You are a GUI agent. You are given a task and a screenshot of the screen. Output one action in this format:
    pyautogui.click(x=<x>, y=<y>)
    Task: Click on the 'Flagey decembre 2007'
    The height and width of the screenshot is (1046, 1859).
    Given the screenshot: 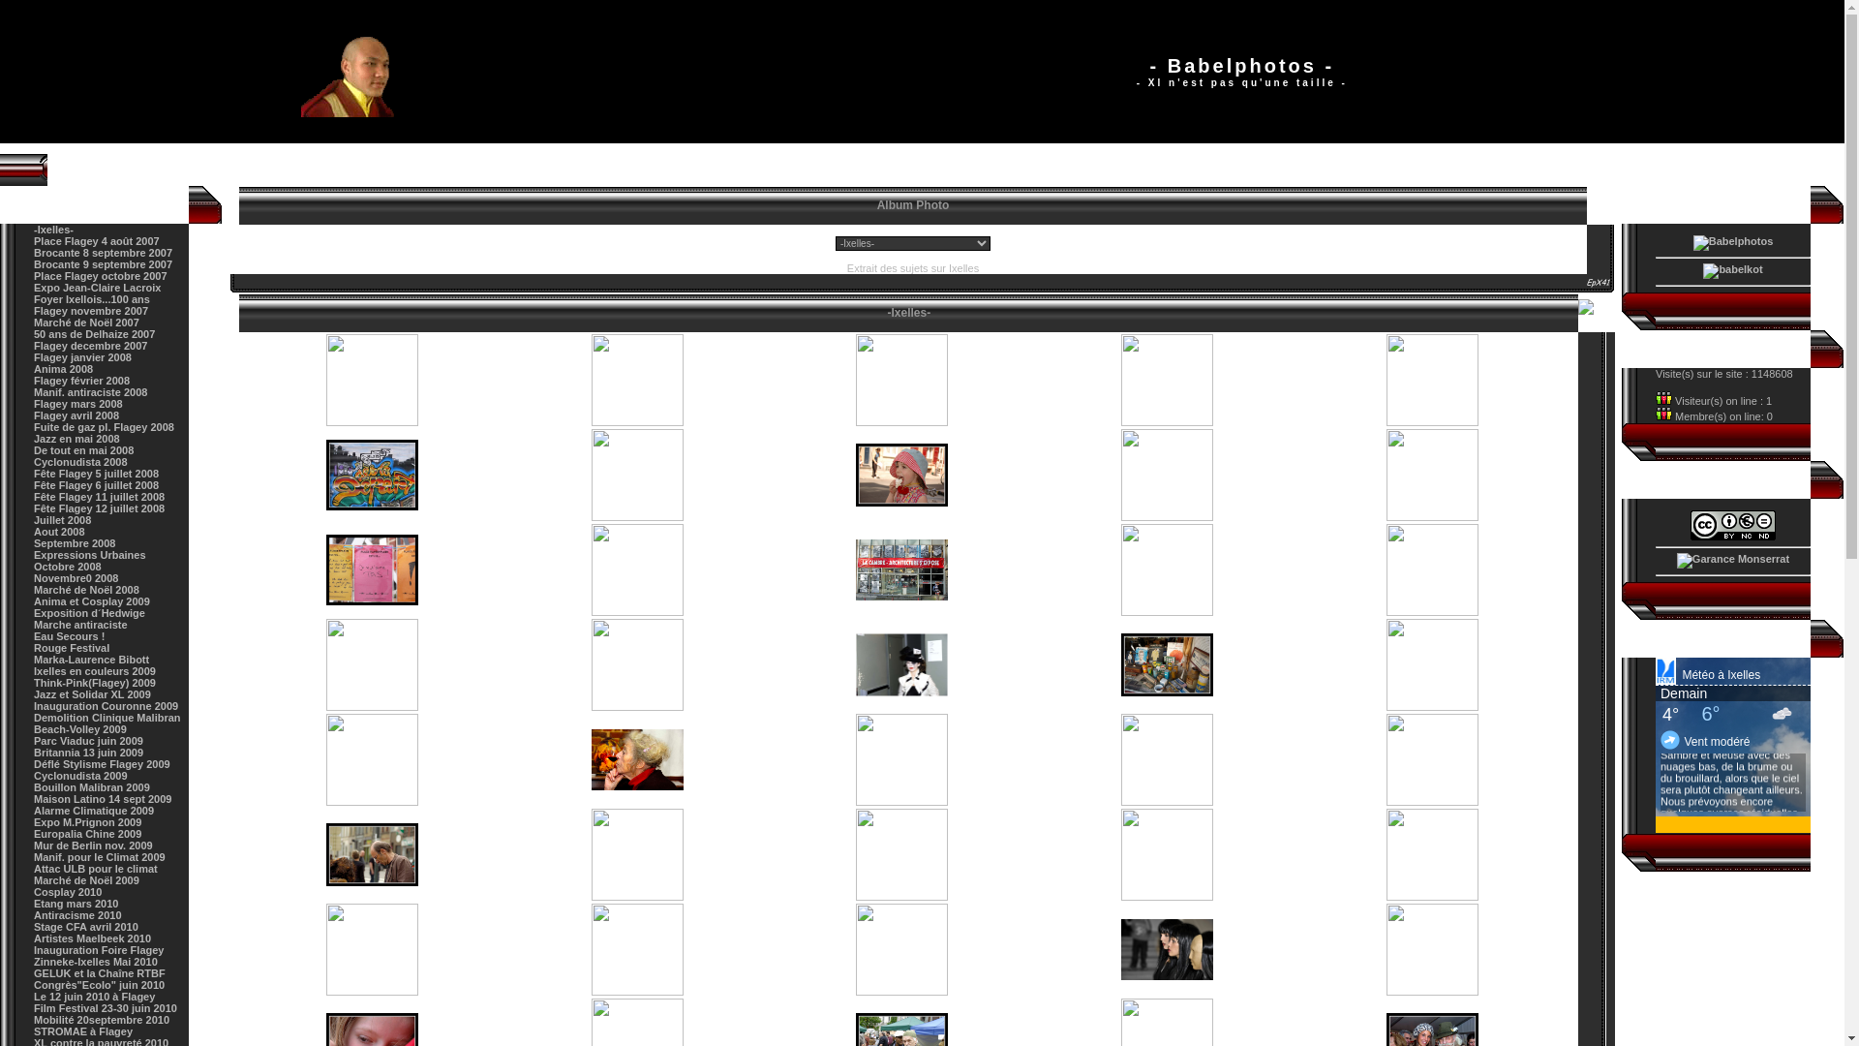 What is the action you would take?
    pyautogui.click(x=89, y=345)
    